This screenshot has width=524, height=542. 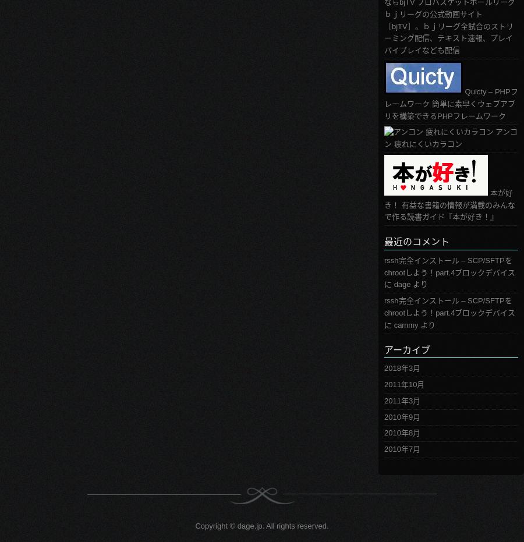 What do you see at coordinates (401, 284) in the screenshot?
I see `'dage'` at bounding box center [401, 284].